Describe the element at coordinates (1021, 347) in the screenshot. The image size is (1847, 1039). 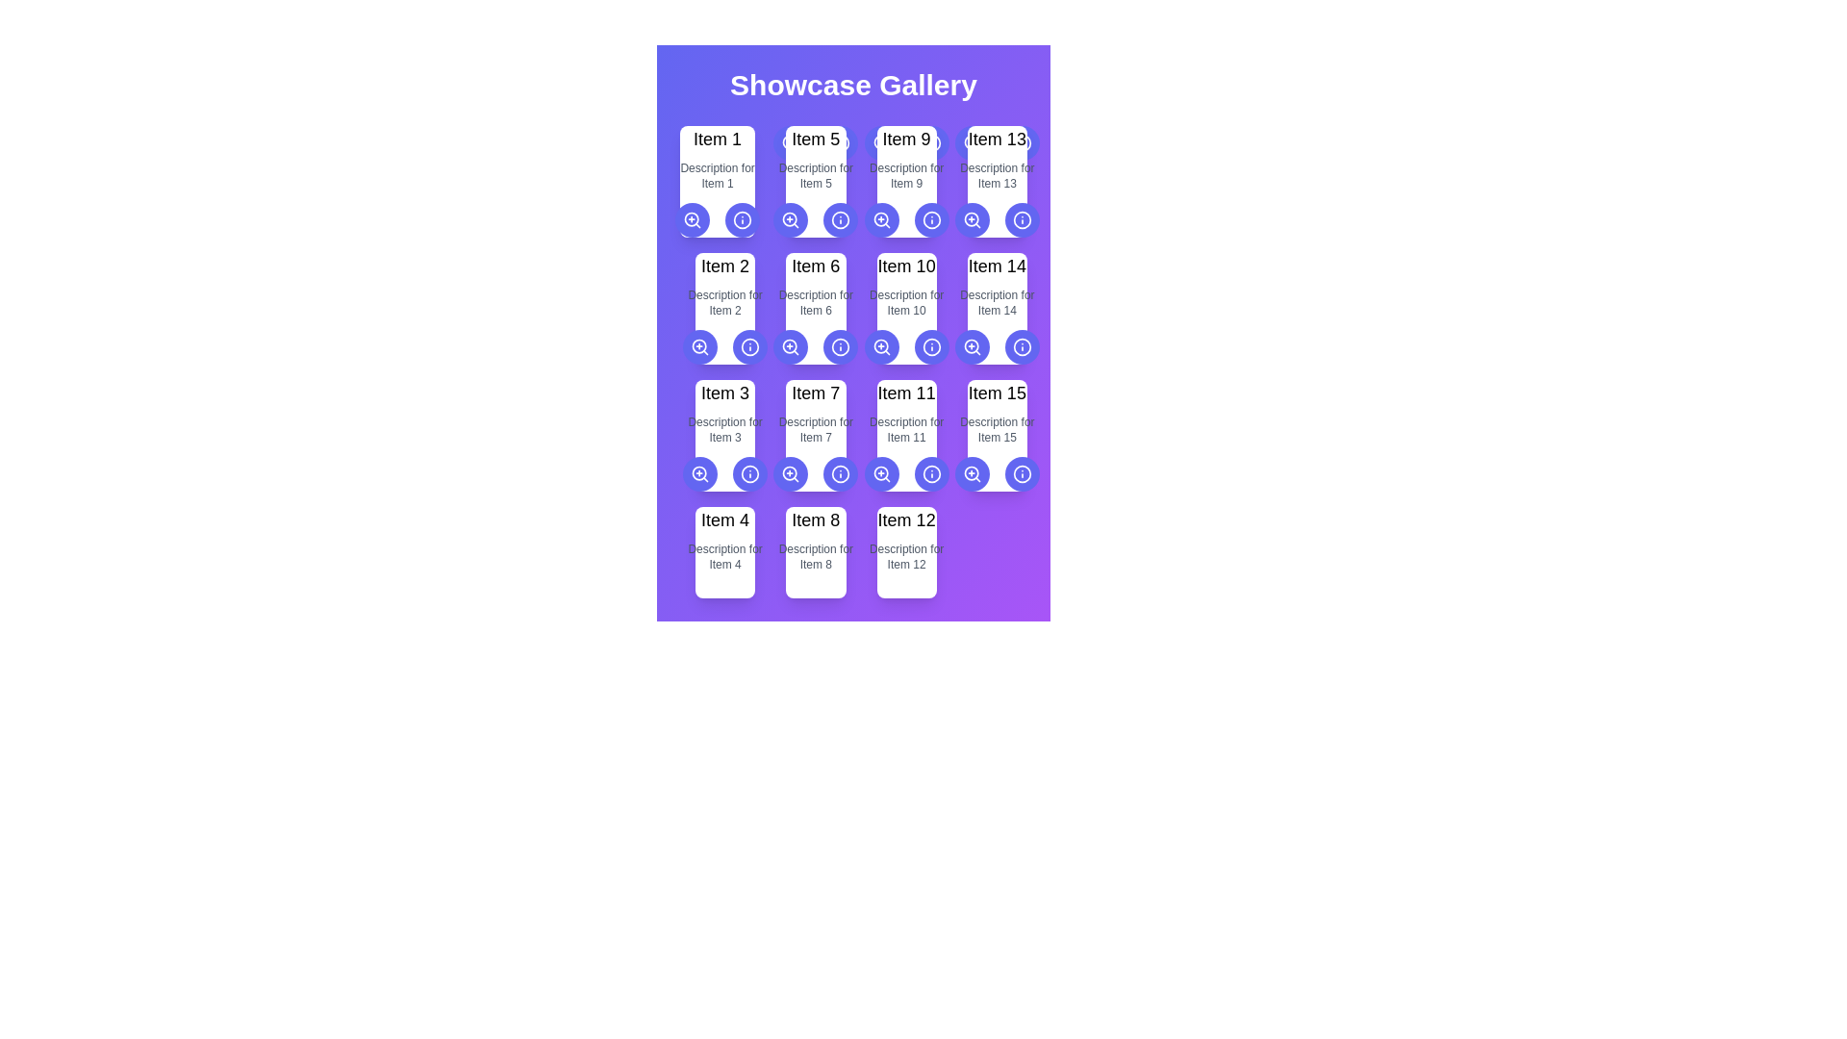
I see `the circular button with an indigo background and an 'i' inside, located in the bottom-right corner of the 'Item 14' card, to observe style changes` at that location.